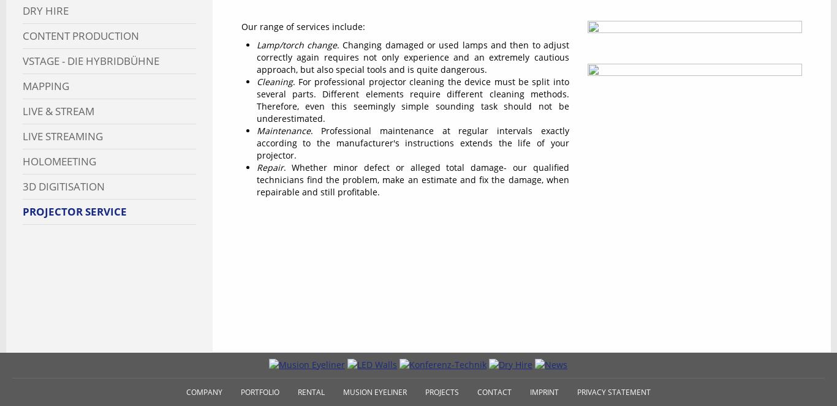 Image resolution: width=837 pixels, height=406 pixels. I want to click on 'Our range of services include:', so click(303, 25).